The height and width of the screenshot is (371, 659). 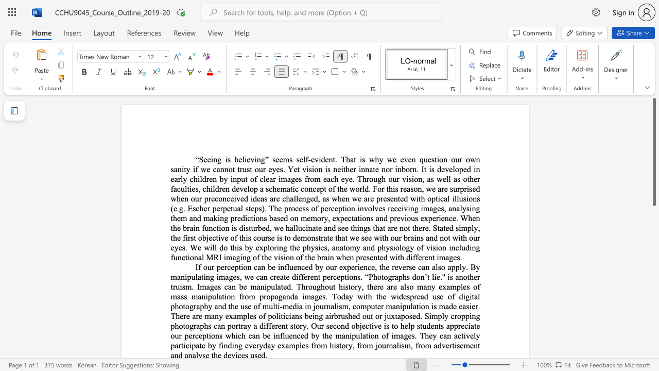 I want to click on the scrollbar to scroll the page down, so click(x=653, y=210).